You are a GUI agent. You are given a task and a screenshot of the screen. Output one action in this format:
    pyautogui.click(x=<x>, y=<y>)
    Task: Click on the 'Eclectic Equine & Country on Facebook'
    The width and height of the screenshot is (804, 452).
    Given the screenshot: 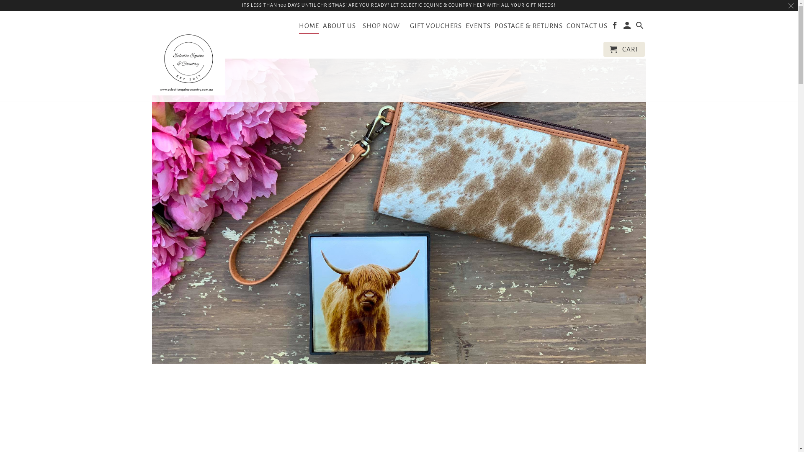 What is the action you would take?
    pyautogui.click(x=616, y=27)
    